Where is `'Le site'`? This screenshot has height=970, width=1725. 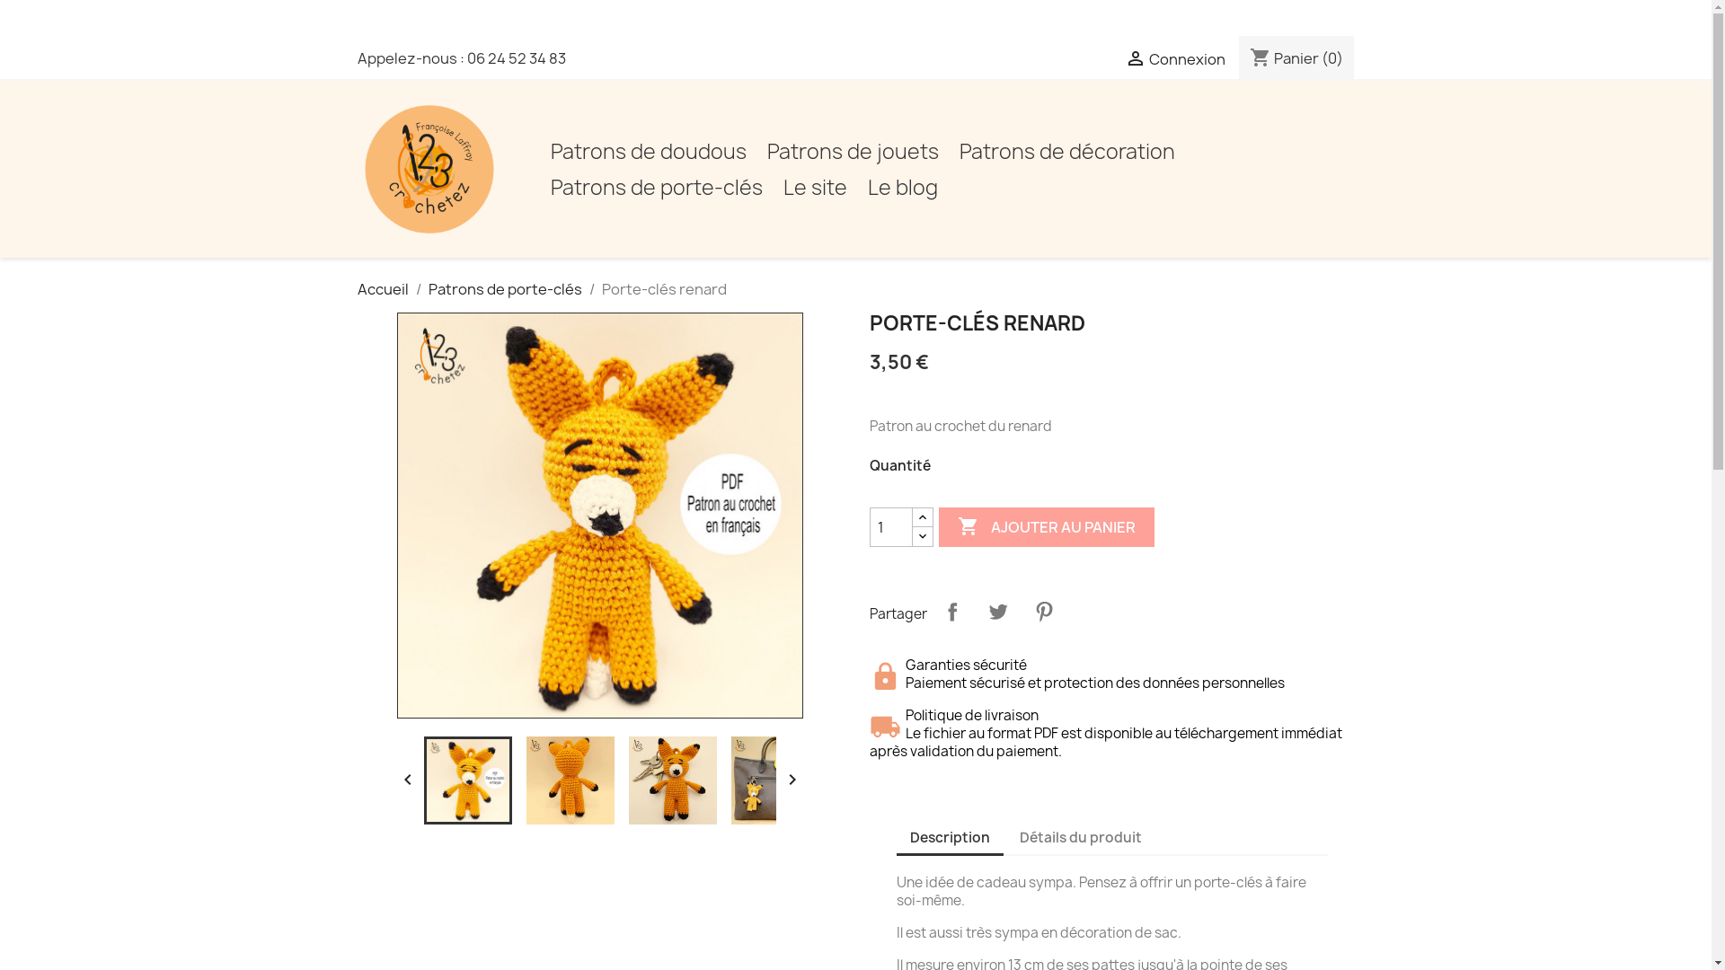
'Le site' is located at coordinates (814, 187).